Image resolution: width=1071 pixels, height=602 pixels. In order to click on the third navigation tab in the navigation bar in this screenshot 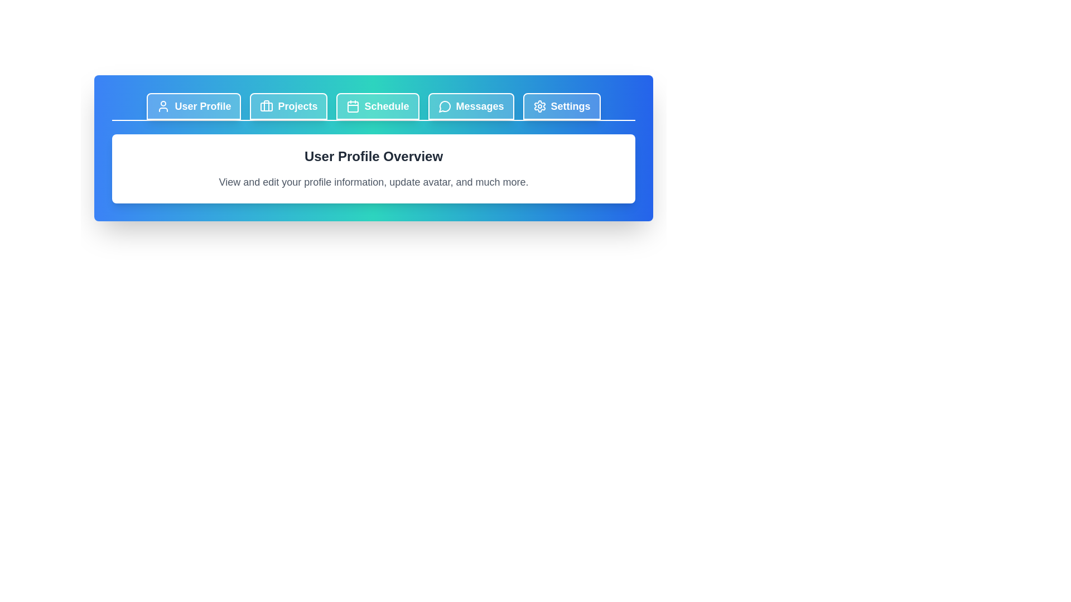, I will do `click(374, 107)`.